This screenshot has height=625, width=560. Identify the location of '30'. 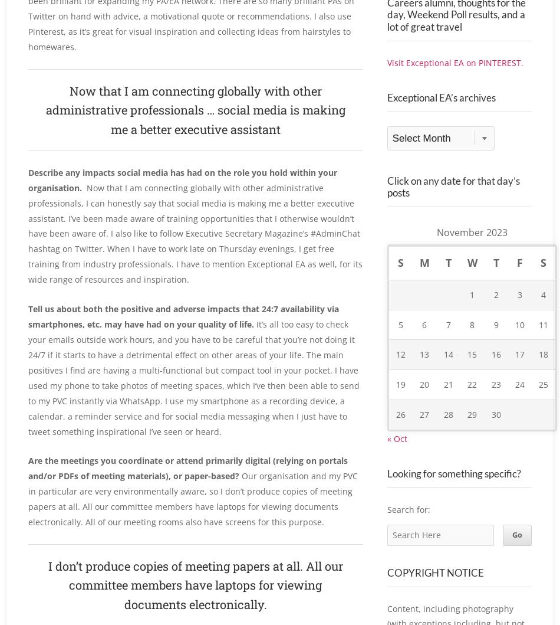
(495, 440).